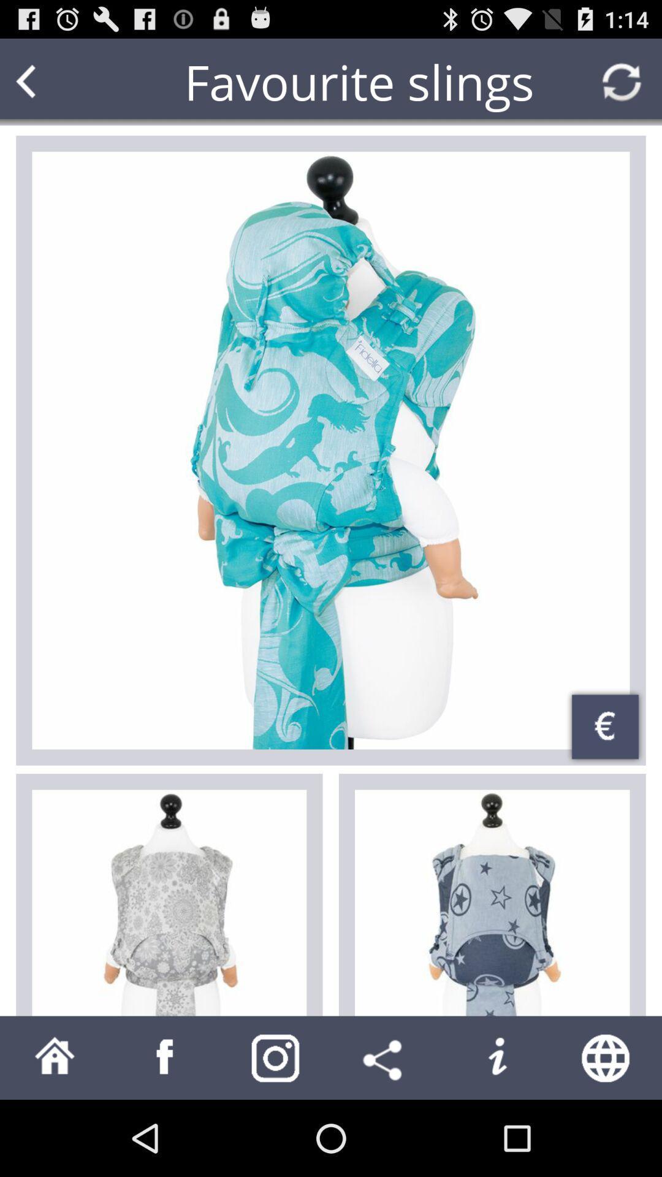 The image size is (662, 1177). Describe the element at coordinates (276, 1132) in the screenshot. I see `the photo icon` at that location.